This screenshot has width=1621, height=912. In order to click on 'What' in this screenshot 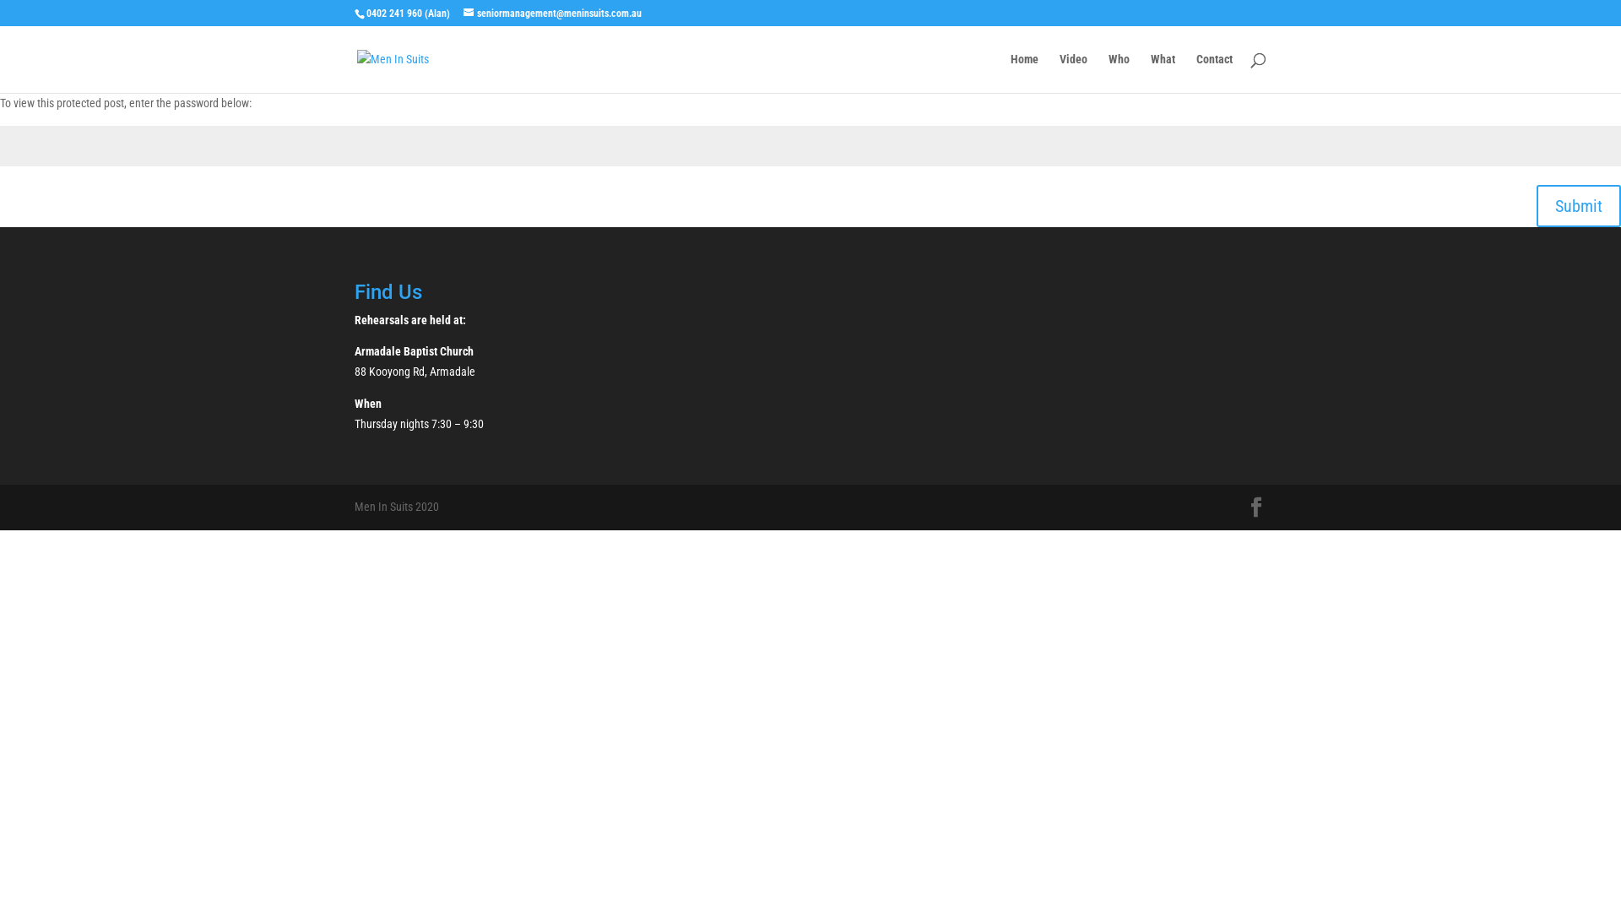, I will do `click(1162, 72)`.